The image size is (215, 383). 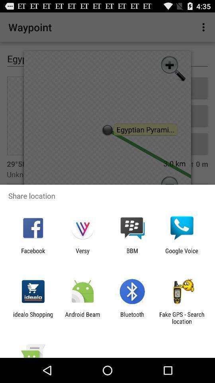 What do you see at coordinates (33, 318) in the screenshot?
I see `the idealo shopping app` at bounding box center [33, 318].